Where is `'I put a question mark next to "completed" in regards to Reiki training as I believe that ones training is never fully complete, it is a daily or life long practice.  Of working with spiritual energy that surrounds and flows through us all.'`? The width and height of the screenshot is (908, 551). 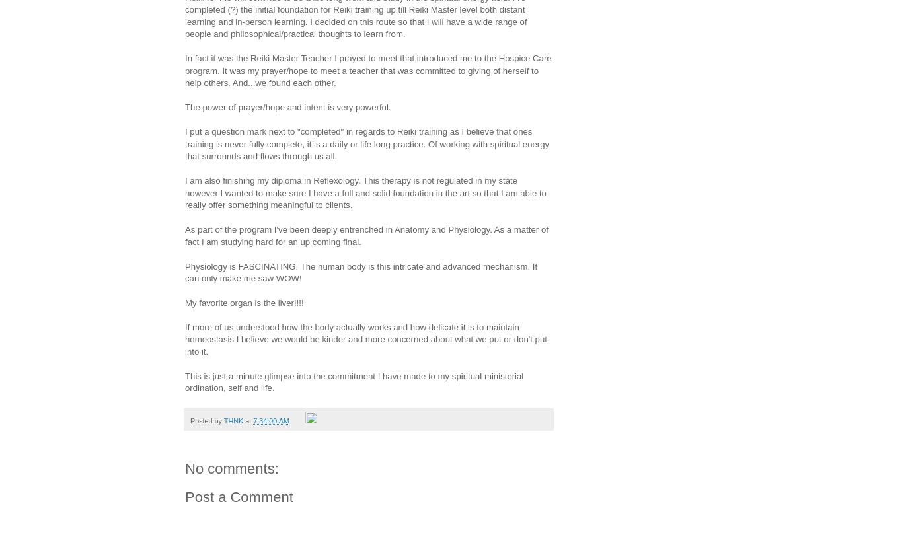 'I put a question mark next to "completed" in regards to Reiki training as I believe that ones training is never fully complete, it is a daily or life long practice.  Of working with spiritual energy that surrounds and flows through us all.' is located at coordinates (184, 143).